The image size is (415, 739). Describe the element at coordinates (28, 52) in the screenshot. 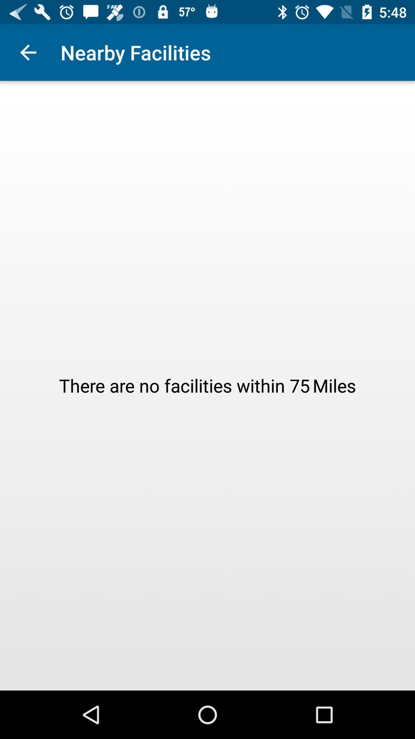

I see `the icon next to nearby facilities icon` at that location.